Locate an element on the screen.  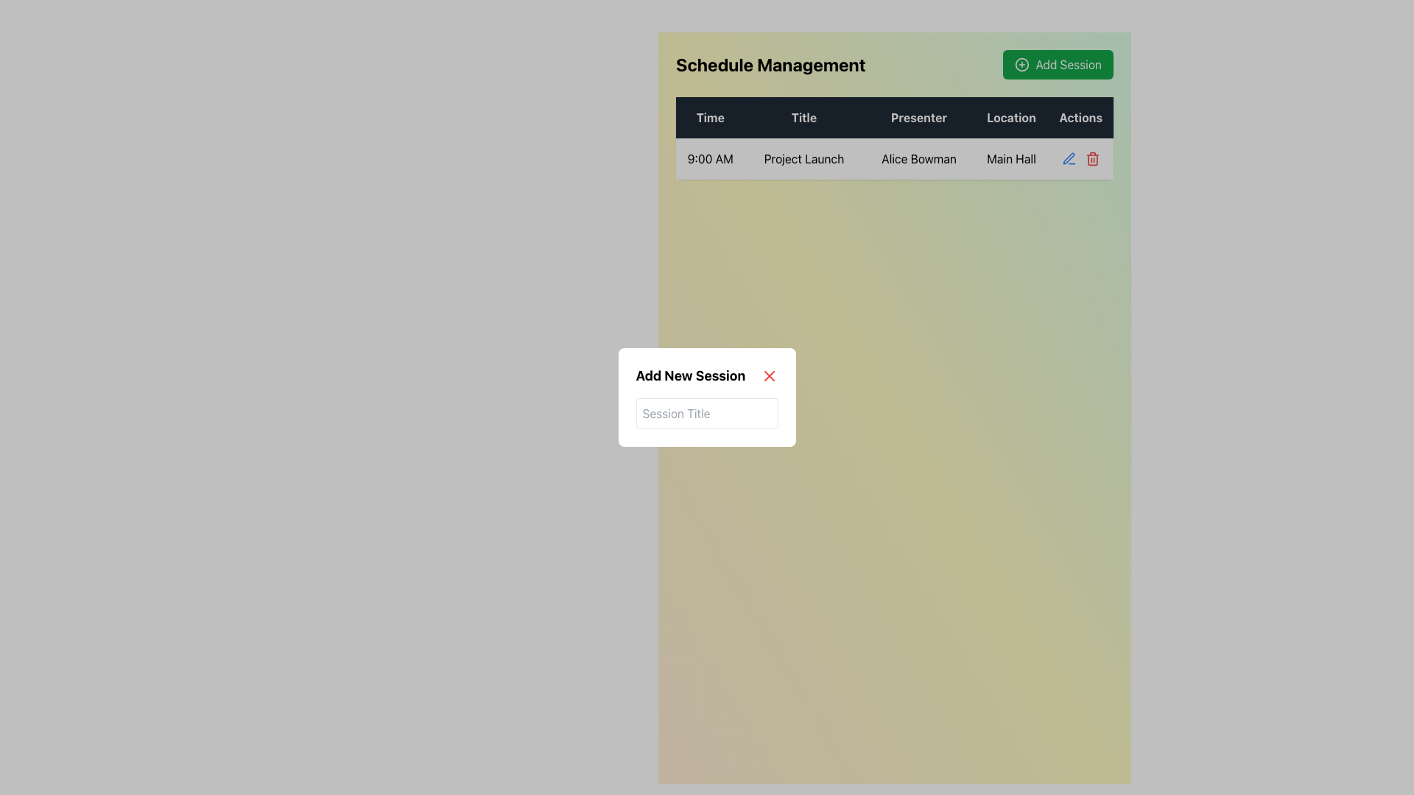
text label displaying 'Time', which is the first heading in a row of five at the top of the table-like structure is located at coordinates (710, 116).